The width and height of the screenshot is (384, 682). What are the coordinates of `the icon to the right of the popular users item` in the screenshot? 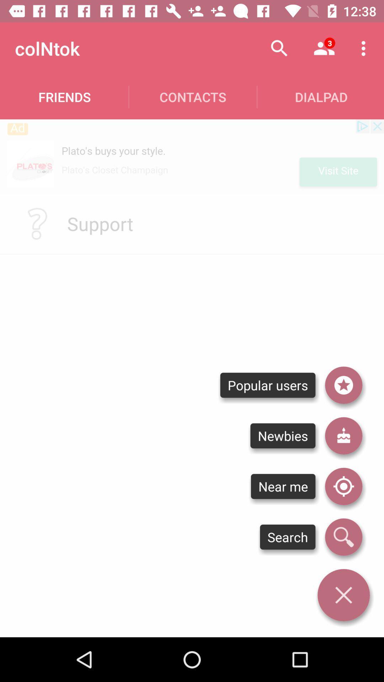 It's located at (343, 435).